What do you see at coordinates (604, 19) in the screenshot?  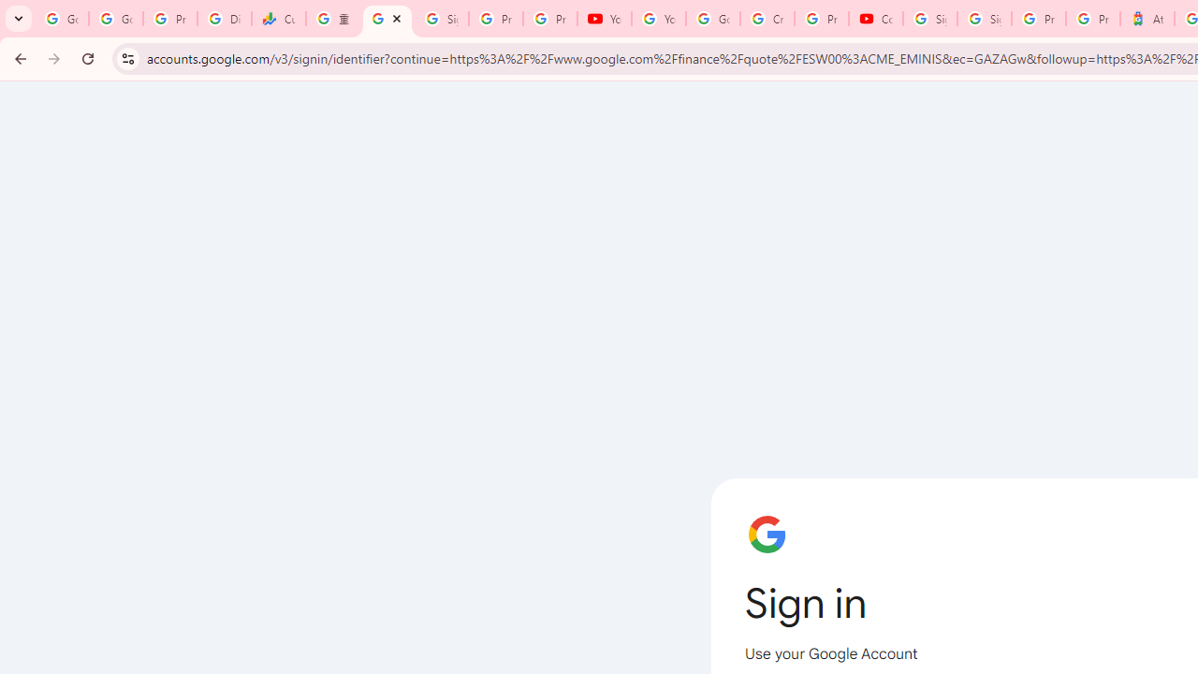 I see `'YouTube'` at bounding box center [604, 19].